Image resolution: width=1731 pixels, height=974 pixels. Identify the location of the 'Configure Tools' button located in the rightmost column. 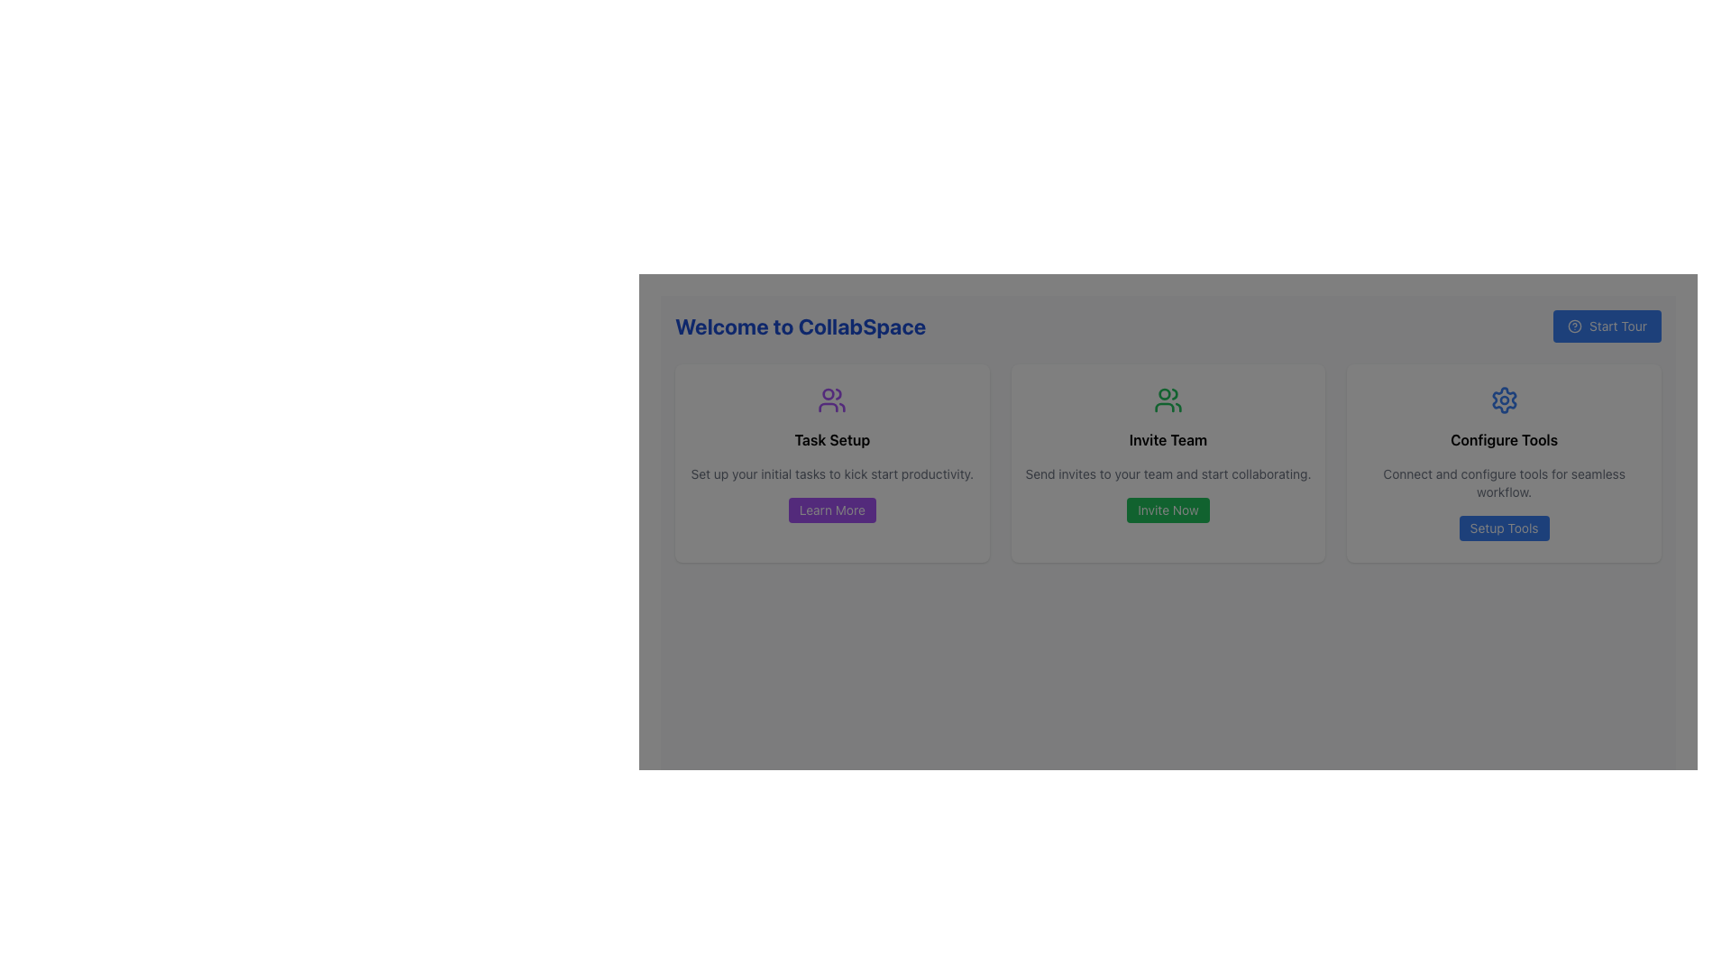
(1504, 528).